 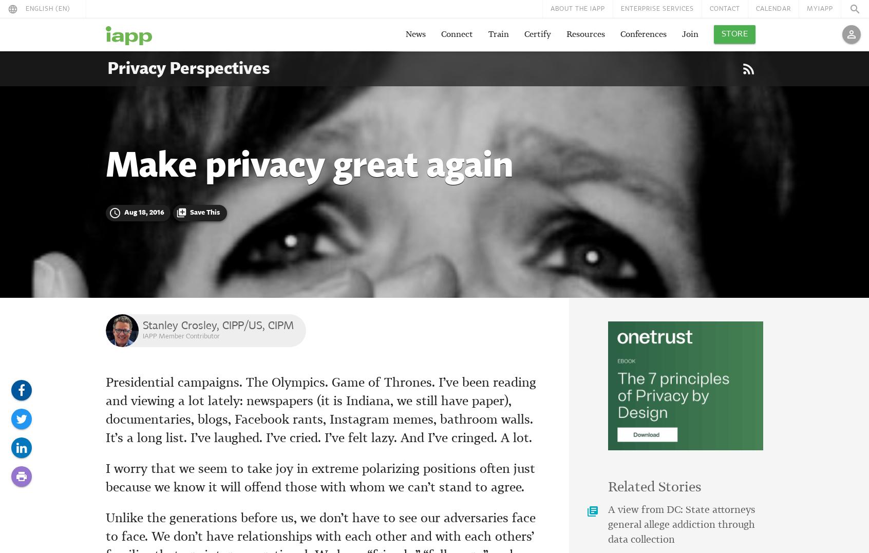 I want to click on 'Related Stories', so click(x=654, y=487).